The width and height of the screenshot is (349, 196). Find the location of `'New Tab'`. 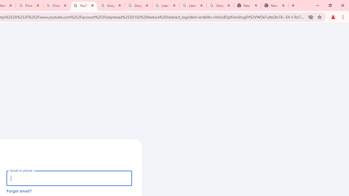

'New Tab' is located at coordinates (275, 5).